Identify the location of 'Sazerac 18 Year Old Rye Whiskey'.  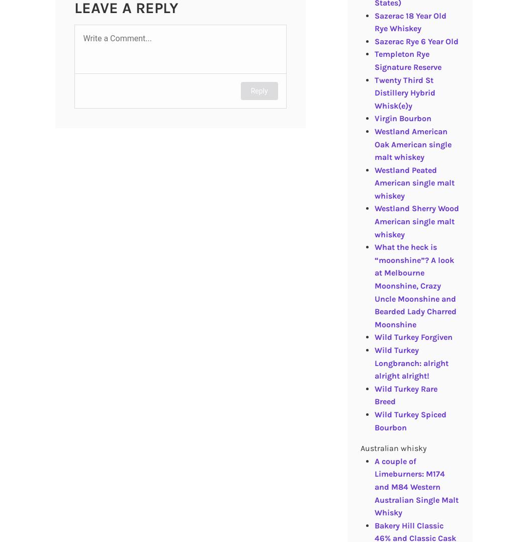
(374, 22).